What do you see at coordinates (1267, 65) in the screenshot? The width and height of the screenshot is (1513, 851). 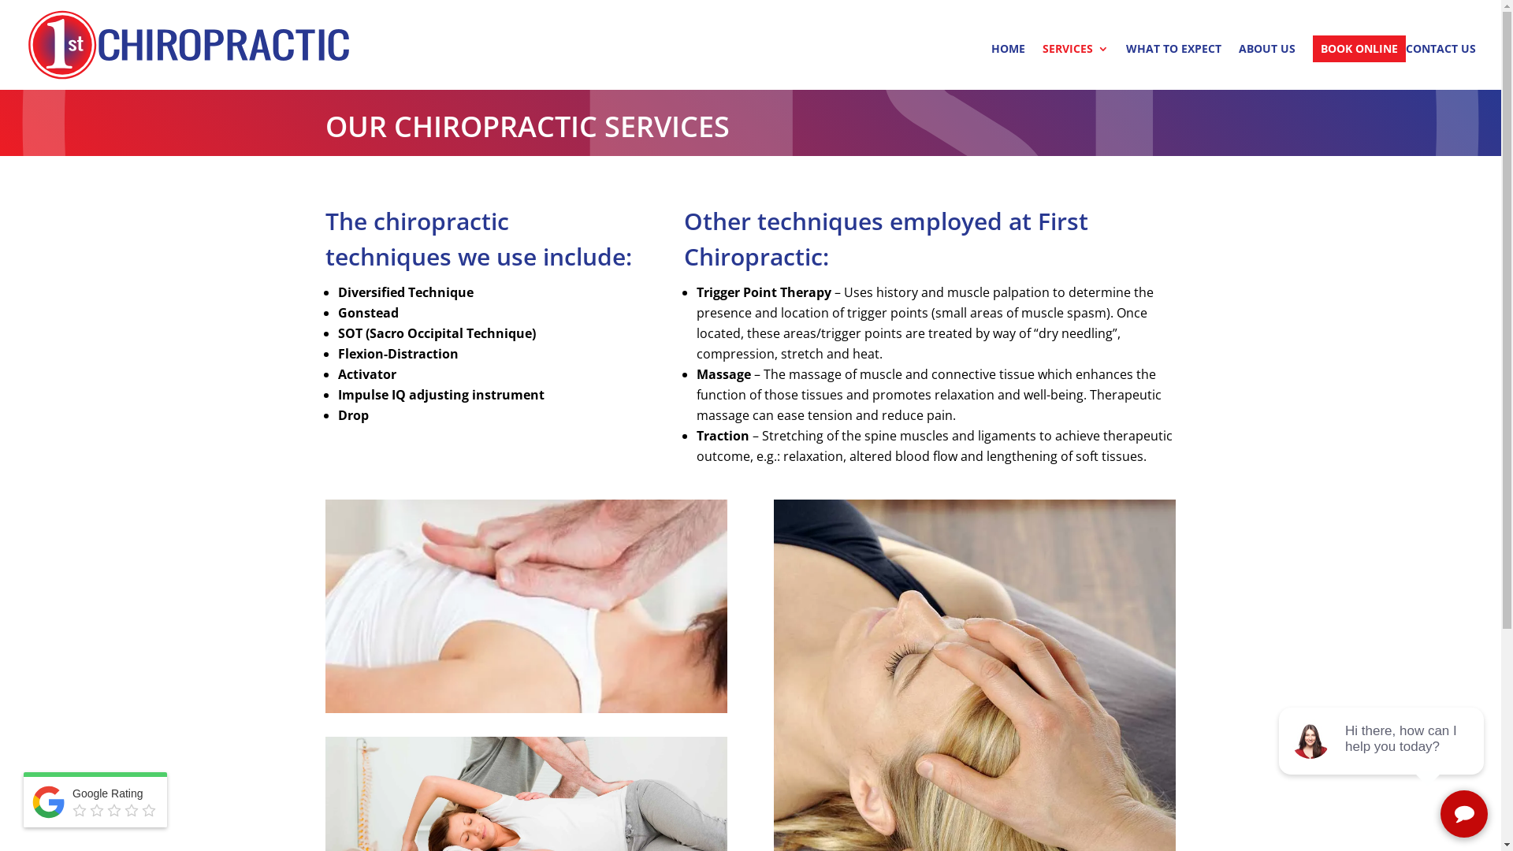 I see `'ABOUT US'` at bounding box center [1267, 65].